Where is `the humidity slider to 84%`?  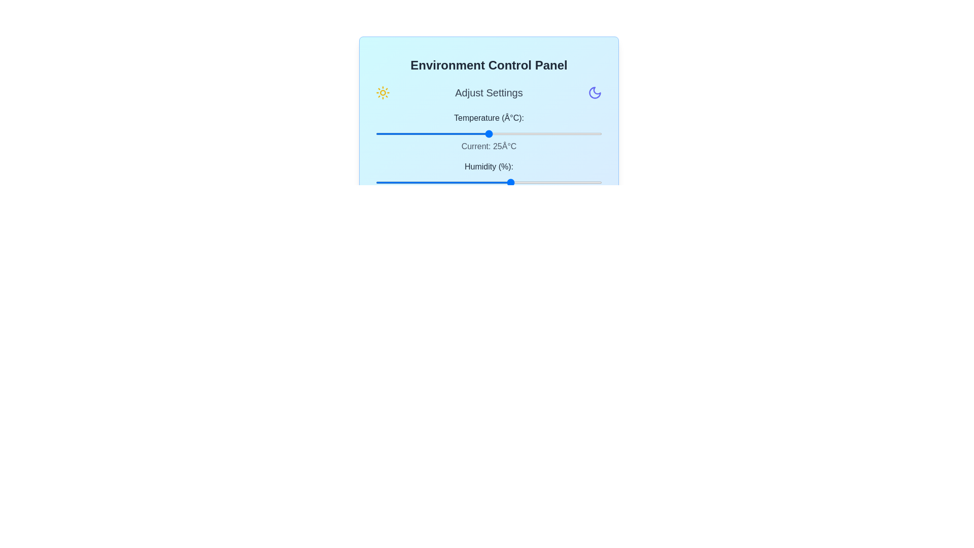 the humidity slider to 84% is located at coordinates (565, 182).